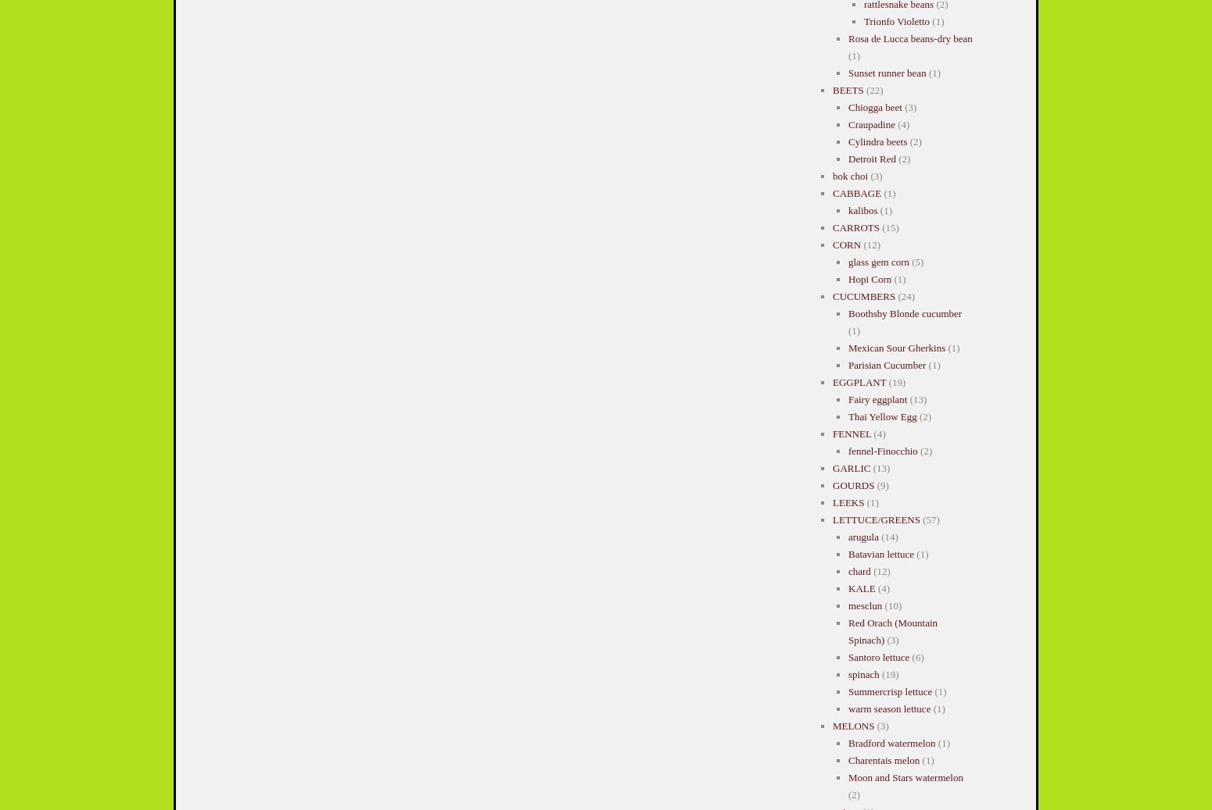  What do you see at coordinates (875, 519) in the screenshot?
I see `'LETTUCE/GREENS'` at bounding box center [875, 519].